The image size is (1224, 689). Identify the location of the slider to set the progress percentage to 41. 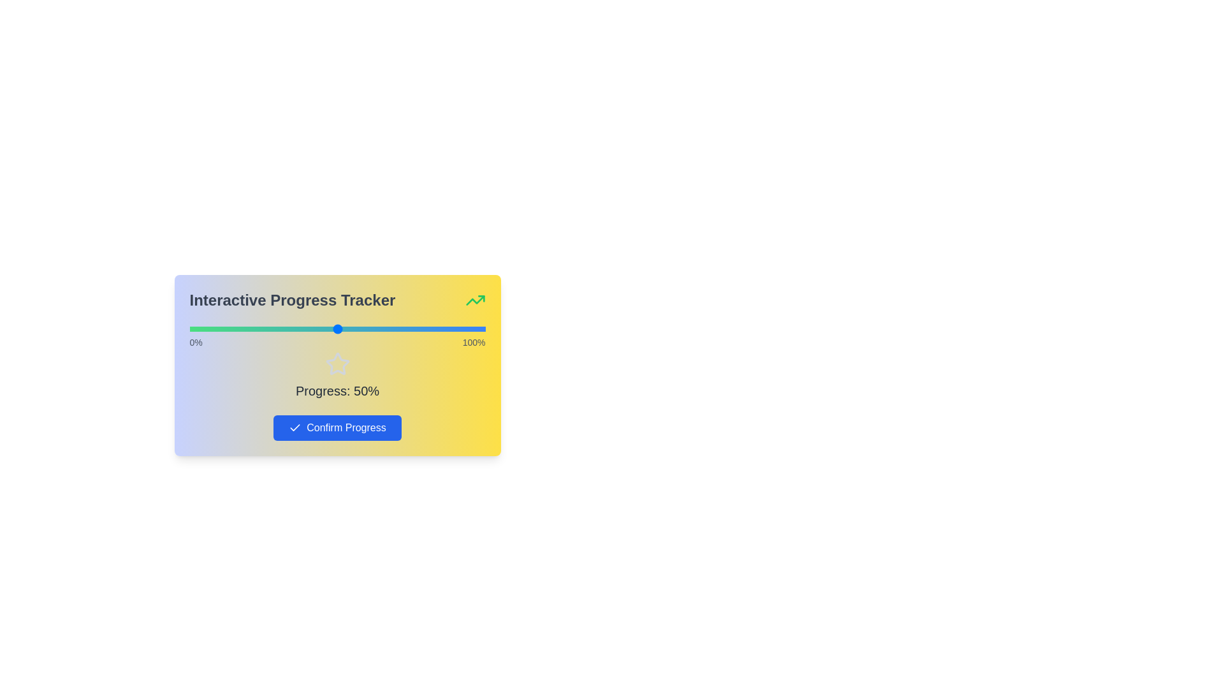
(310, 329).